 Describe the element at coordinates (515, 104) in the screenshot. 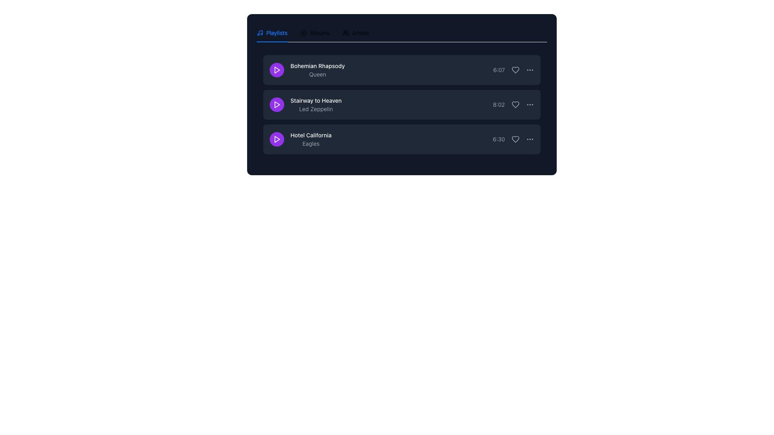

I see `the heart-shaped icon button` at that location.